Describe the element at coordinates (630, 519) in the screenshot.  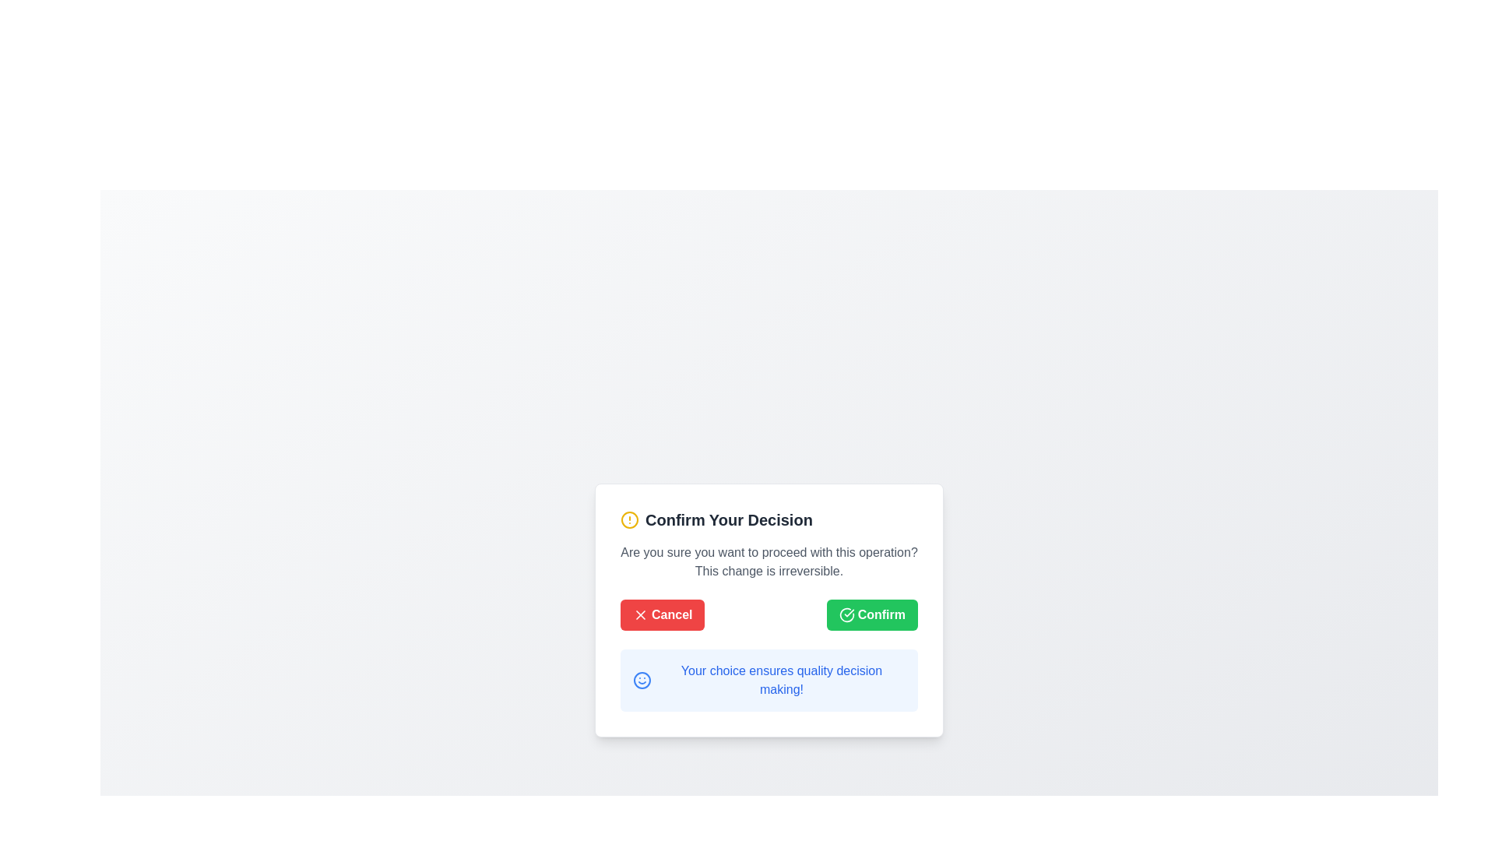
I see `the circular SVG graphic element that serves as an alert icon in the 'Confirm Your Decision' dialog box` at that location.